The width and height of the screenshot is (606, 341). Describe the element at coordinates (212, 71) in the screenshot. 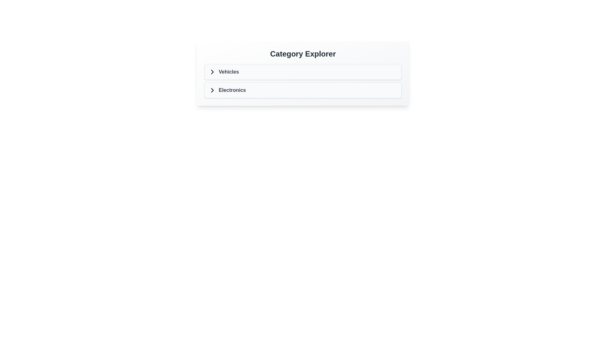

I see `the Chevron icon located to the left of the 'Vehicles' text` at that location.